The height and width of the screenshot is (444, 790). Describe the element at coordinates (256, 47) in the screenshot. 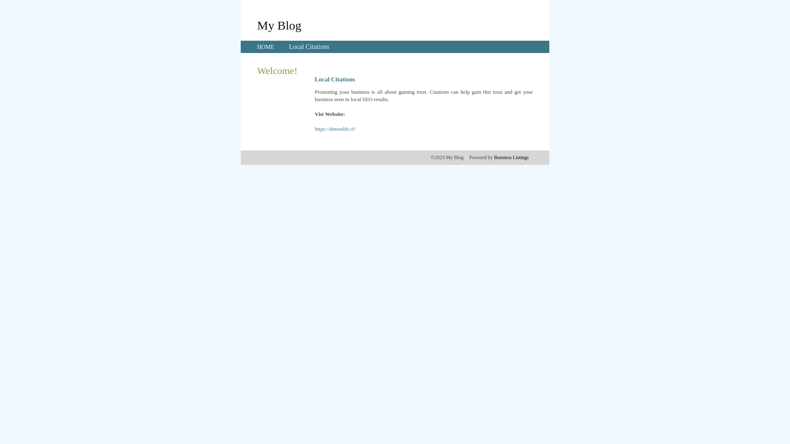

I see `'HOME'` at that location.